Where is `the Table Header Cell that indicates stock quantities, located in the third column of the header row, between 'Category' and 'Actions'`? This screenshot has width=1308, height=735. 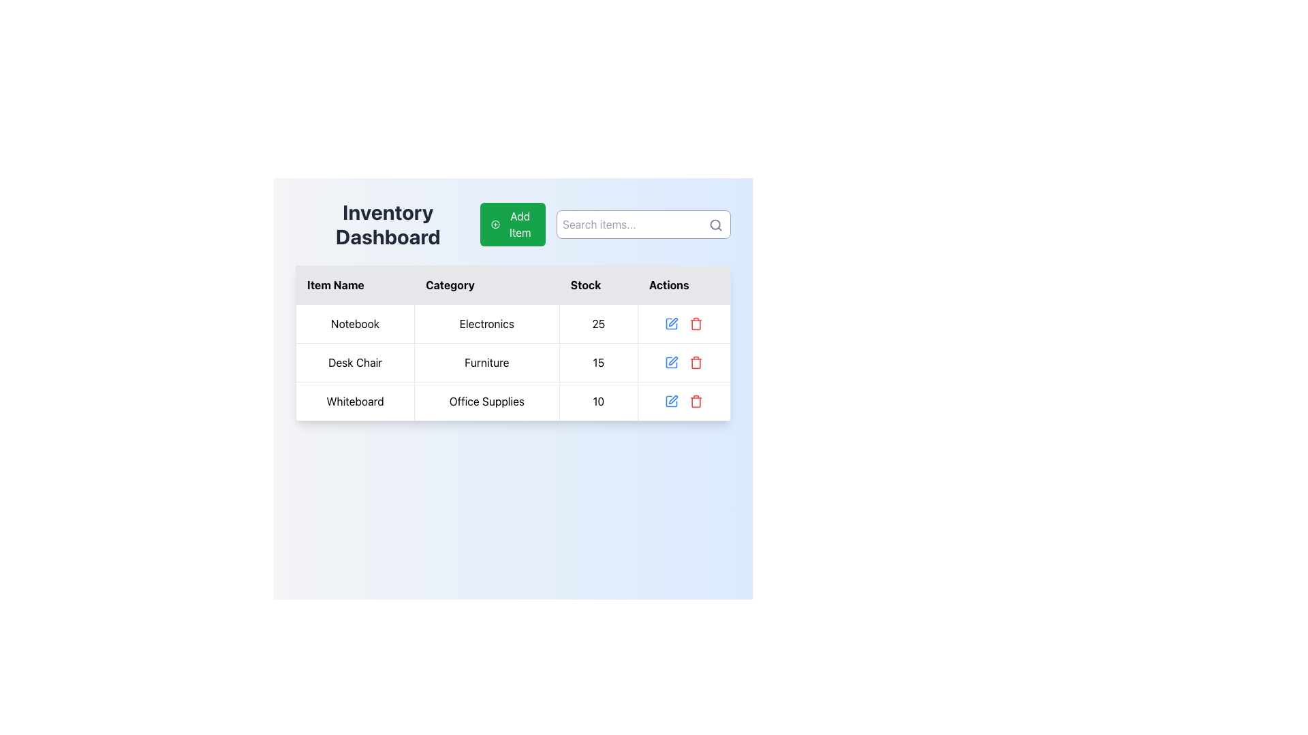
the Table Header Cell that indicates stock quantities, located in the third column of the header row, between 'Category' and 'Actions' is located at coordinates (598, 284).